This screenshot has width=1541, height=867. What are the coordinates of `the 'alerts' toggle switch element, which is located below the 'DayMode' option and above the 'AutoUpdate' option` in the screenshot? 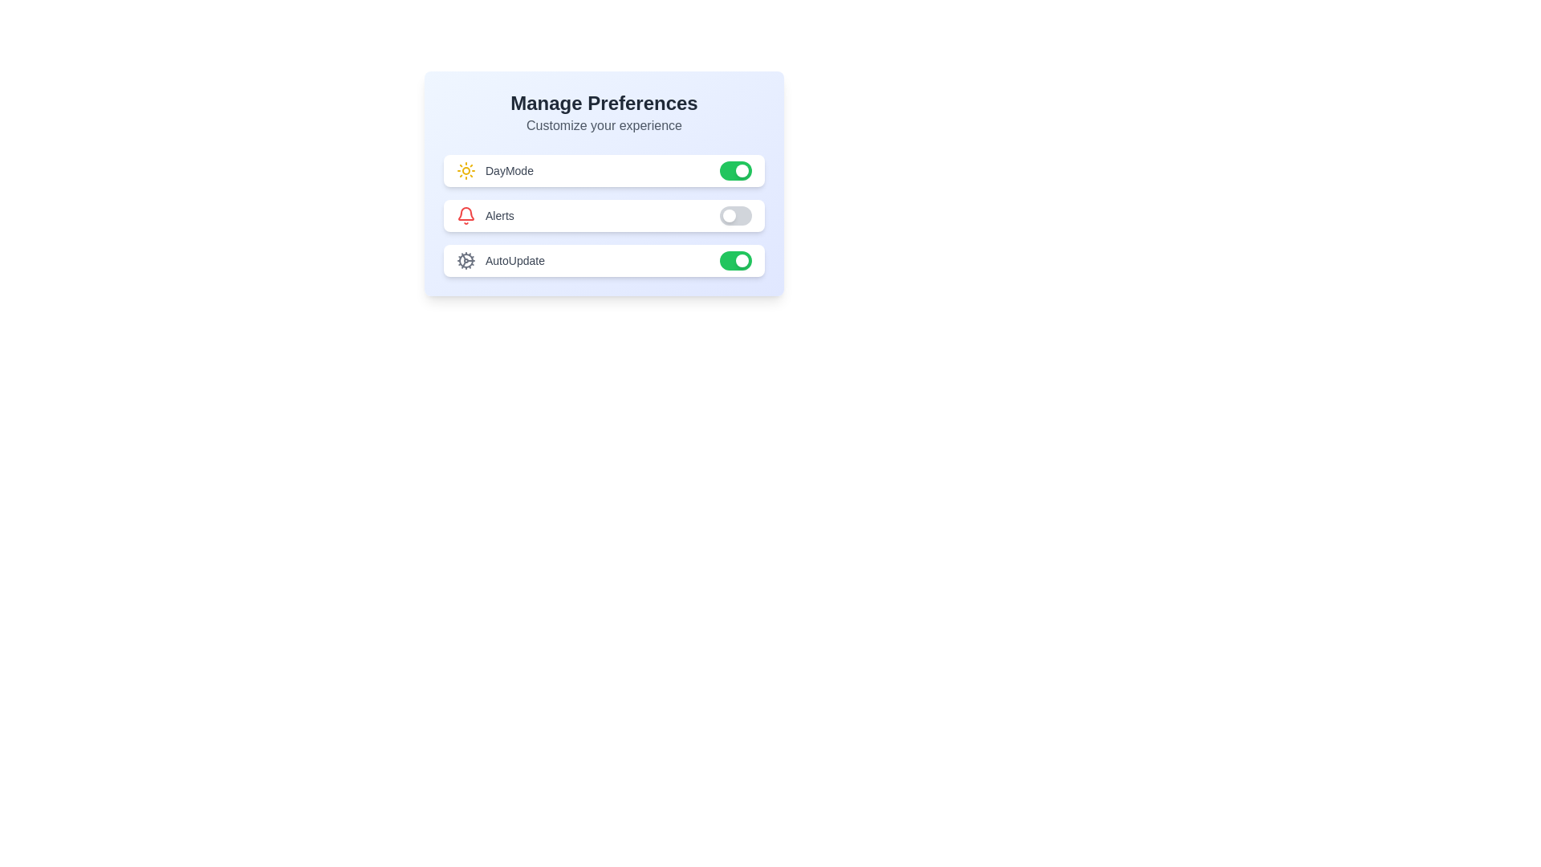 It's located at (604, 215).